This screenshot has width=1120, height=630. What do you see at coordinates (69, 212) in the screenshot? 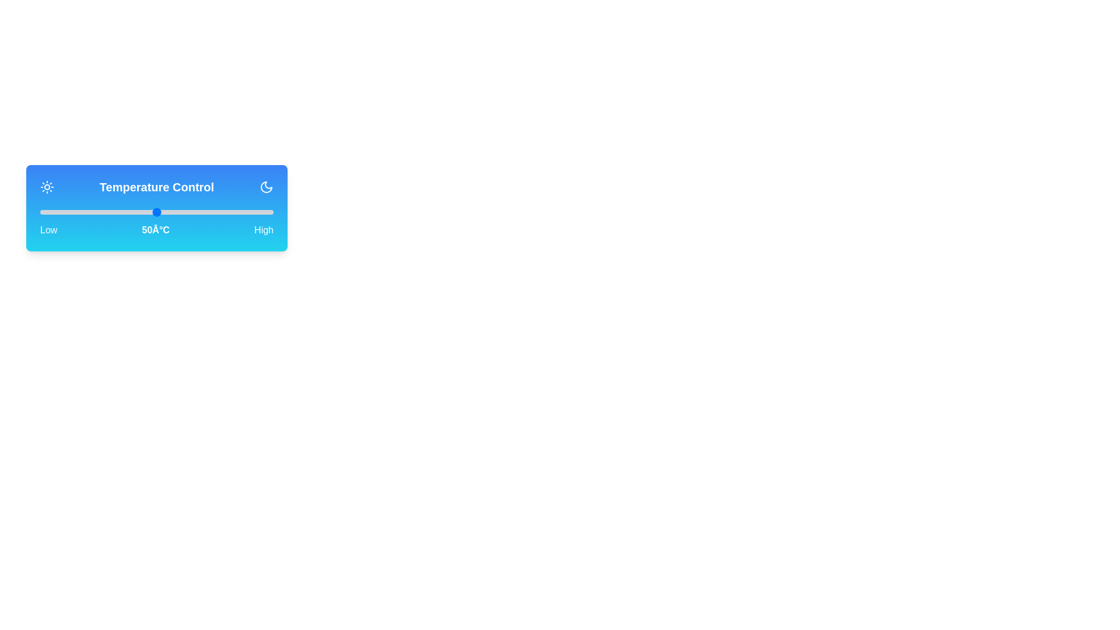
I see `the temperature to 13°C by moving the slider` at bounding box center [69, 212].